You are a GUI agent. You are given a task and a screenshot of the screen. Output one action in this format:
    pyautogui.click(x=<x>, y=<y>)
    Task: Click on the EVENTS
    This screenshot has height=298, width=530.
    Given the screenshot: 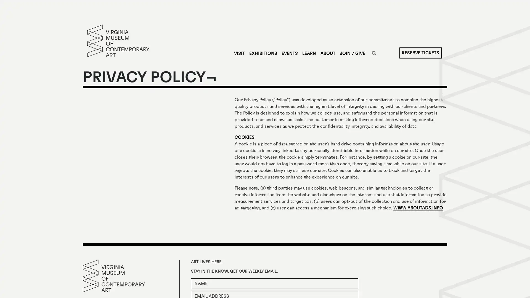 What is the action you would take?
    pyautogui.click(x=289, y=53)
    